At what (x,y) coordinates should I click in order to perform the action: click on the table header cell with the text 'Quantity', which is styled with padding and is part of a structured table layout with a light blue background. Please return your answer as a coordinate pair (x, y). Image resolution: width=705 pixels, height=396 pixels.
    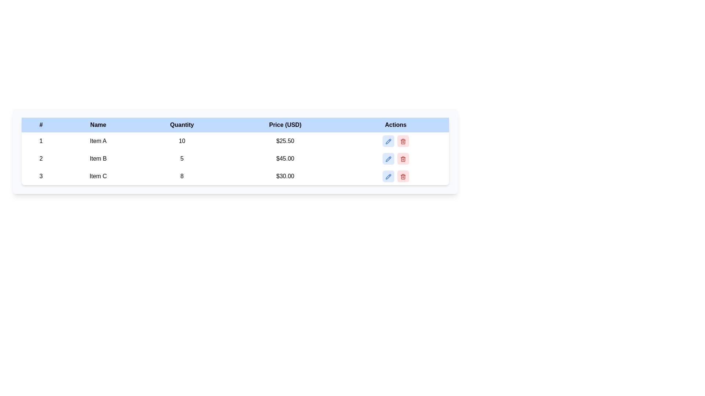
    Looking at the image, I should click on (182, 124).